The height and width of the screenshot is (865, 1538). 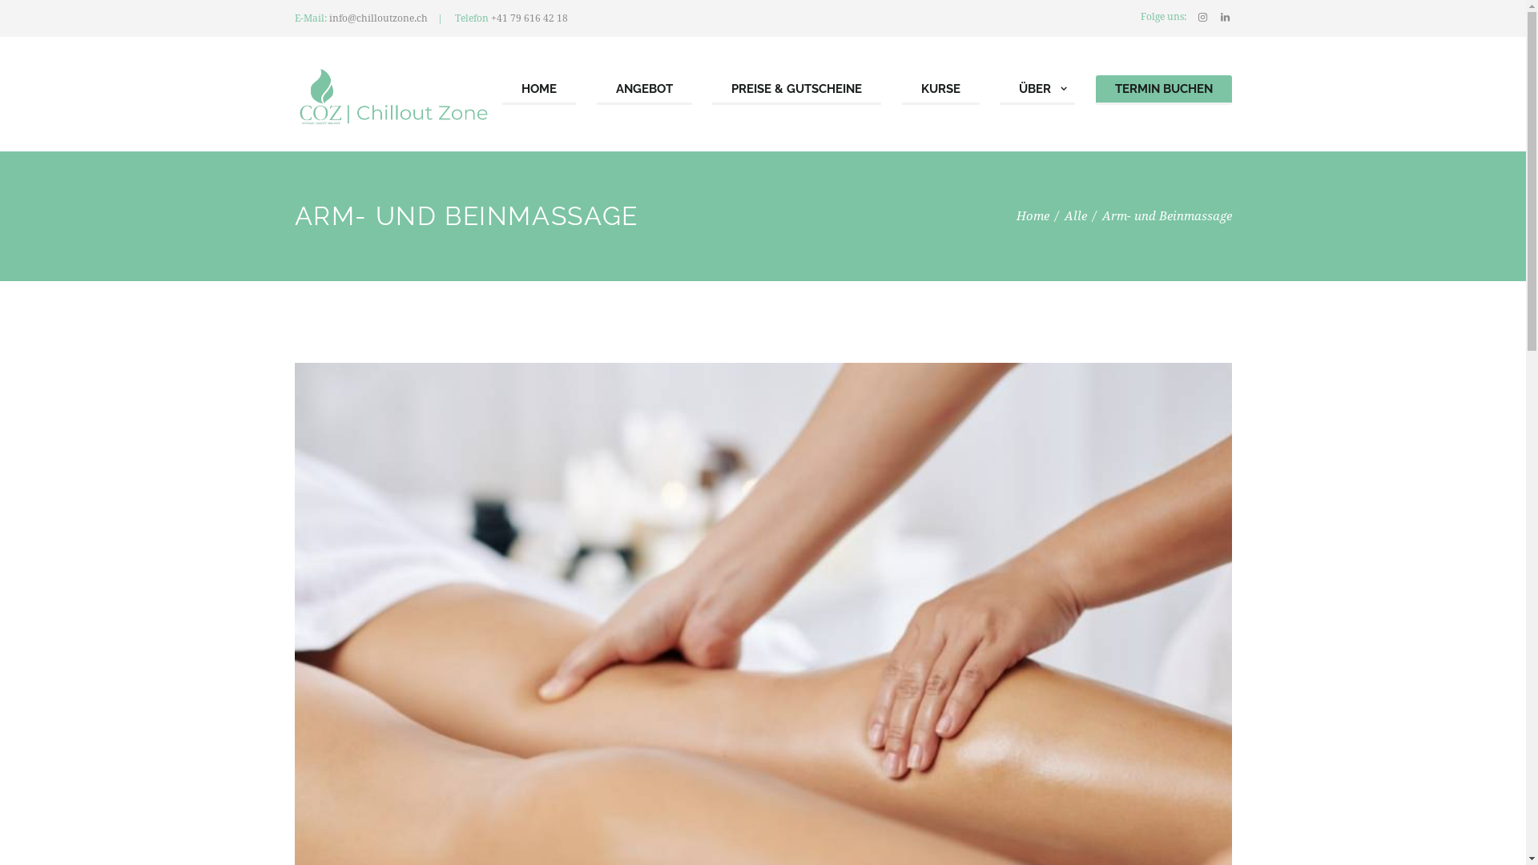 I want to click on 'Home', so click(x=1032, y=216).